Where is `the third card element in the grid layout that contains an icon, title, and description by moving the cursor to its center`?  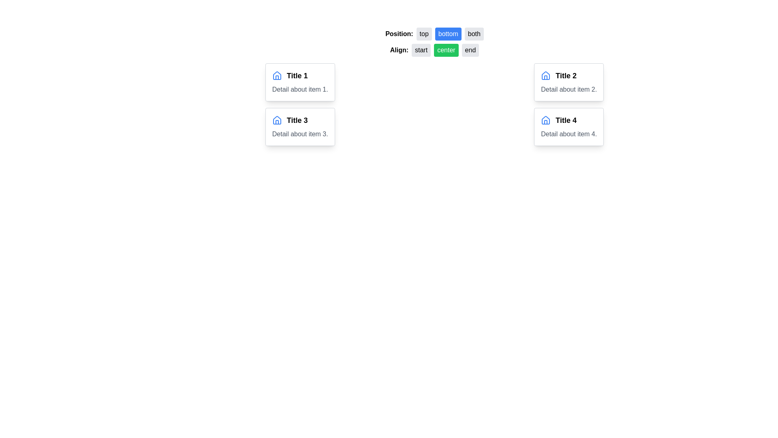 the third card element in the grid layout that contains an icon, title, and description by moving the cursor to its center is located at coordinates (299, 127).